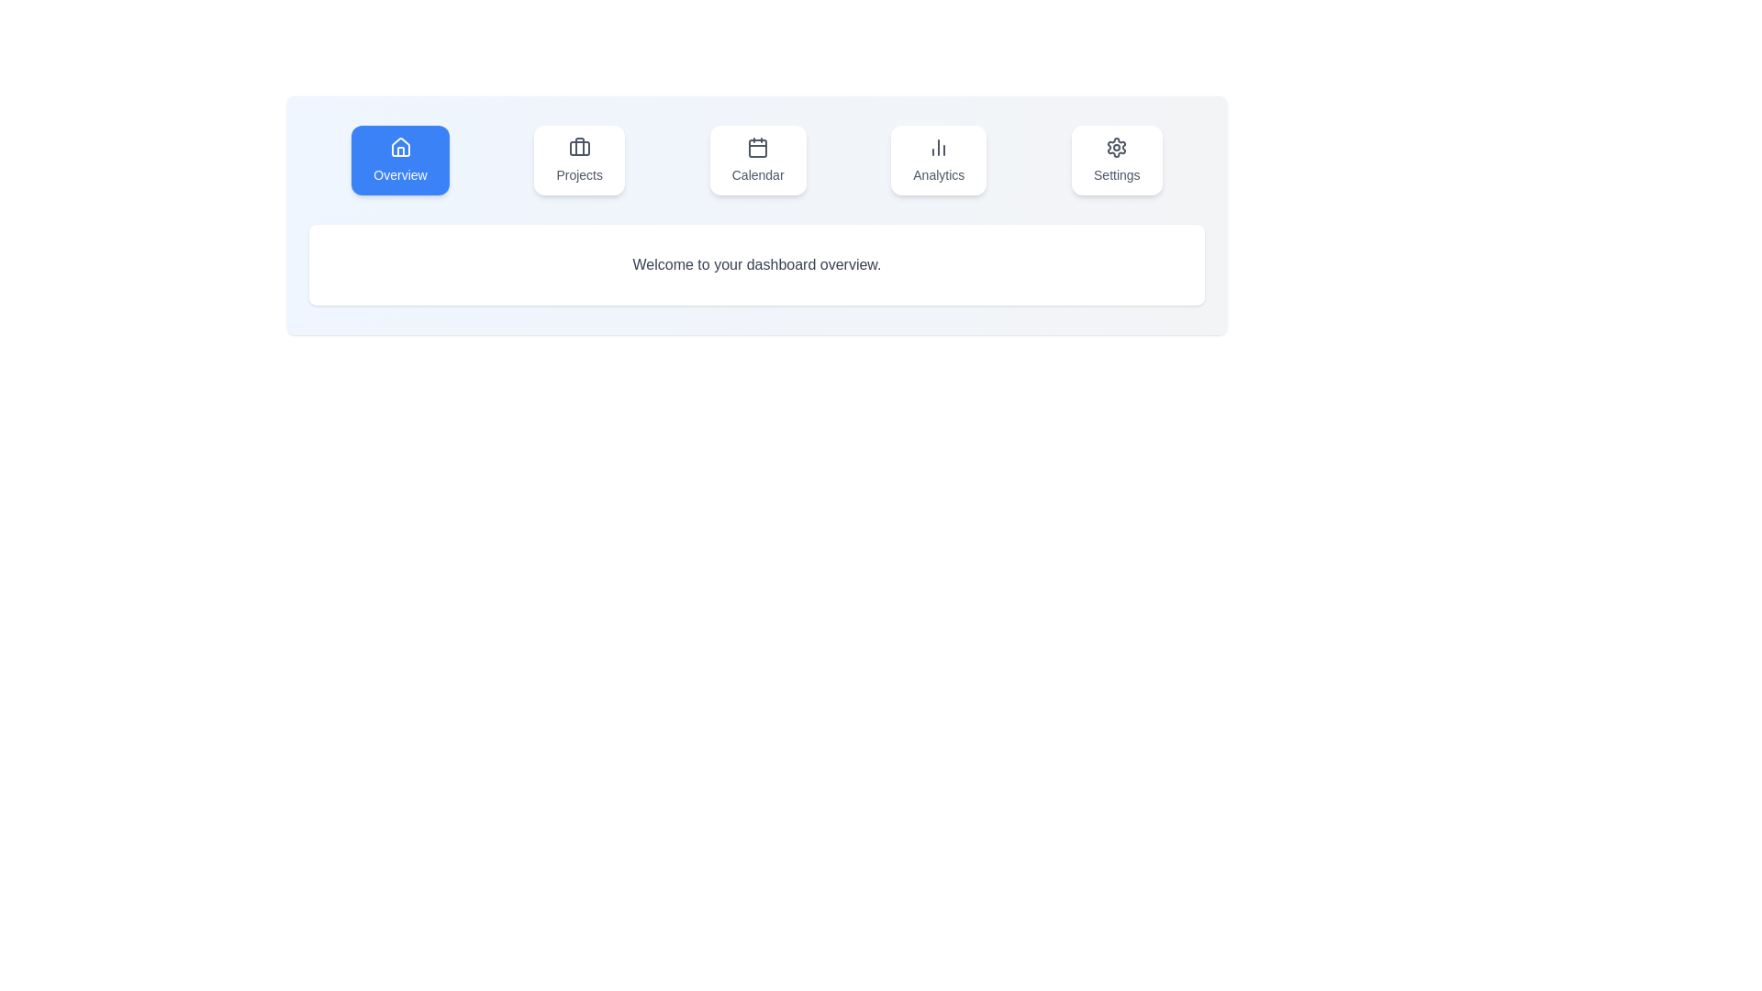  What do you see at coordinates (1116, 159) in the screenshot?
I see `the Settings button, which is the rightmost item in a horizontally aligned menu bar` at bounding box center [1116, 159].